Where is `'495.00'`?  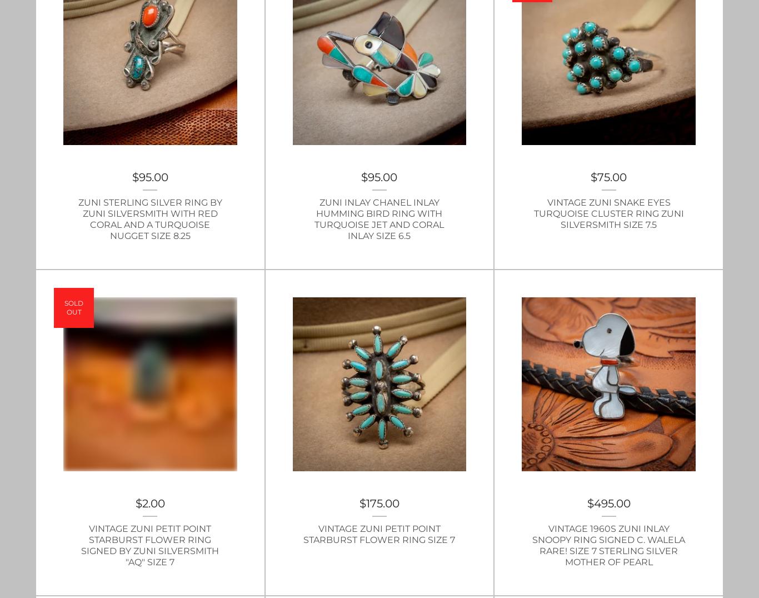 '495.00' is located at coordinates (611, 502).